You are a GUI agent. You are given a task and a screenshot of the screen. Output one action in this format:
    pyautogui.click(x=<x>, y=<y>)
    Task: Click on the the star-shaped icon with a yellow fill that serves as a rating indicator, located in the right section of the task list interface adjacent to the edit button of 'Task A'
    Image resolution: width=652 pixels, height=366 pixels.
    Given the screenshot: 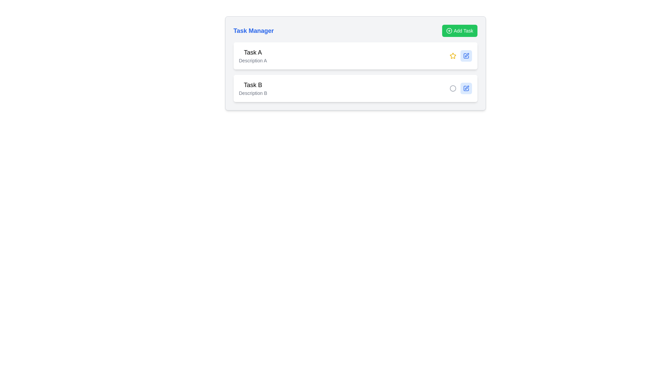 What is the action you would take?
    pyautogui.click(x=453, y=56)
    